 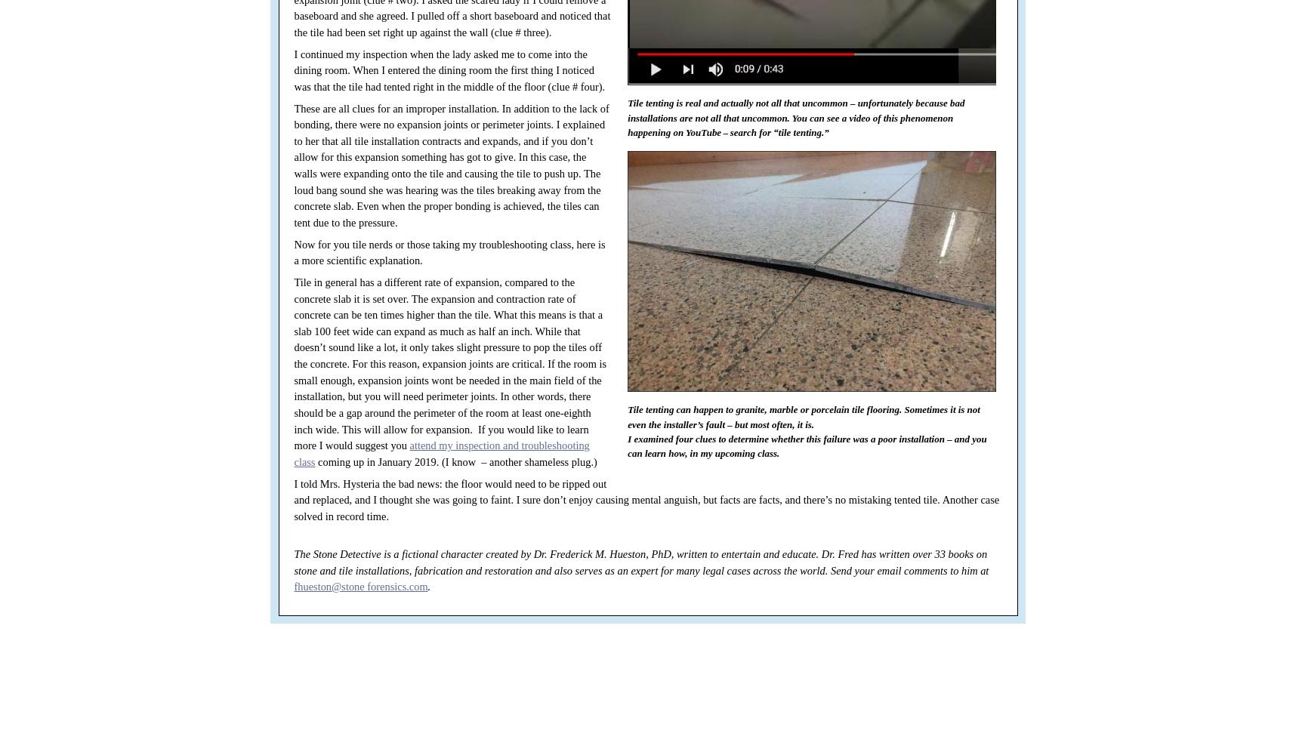 I want to click on 'I examined four clues to determine whether this failure was a poor installation – and you can learn how, in my upcoming class.', so click(x=807, y=445).